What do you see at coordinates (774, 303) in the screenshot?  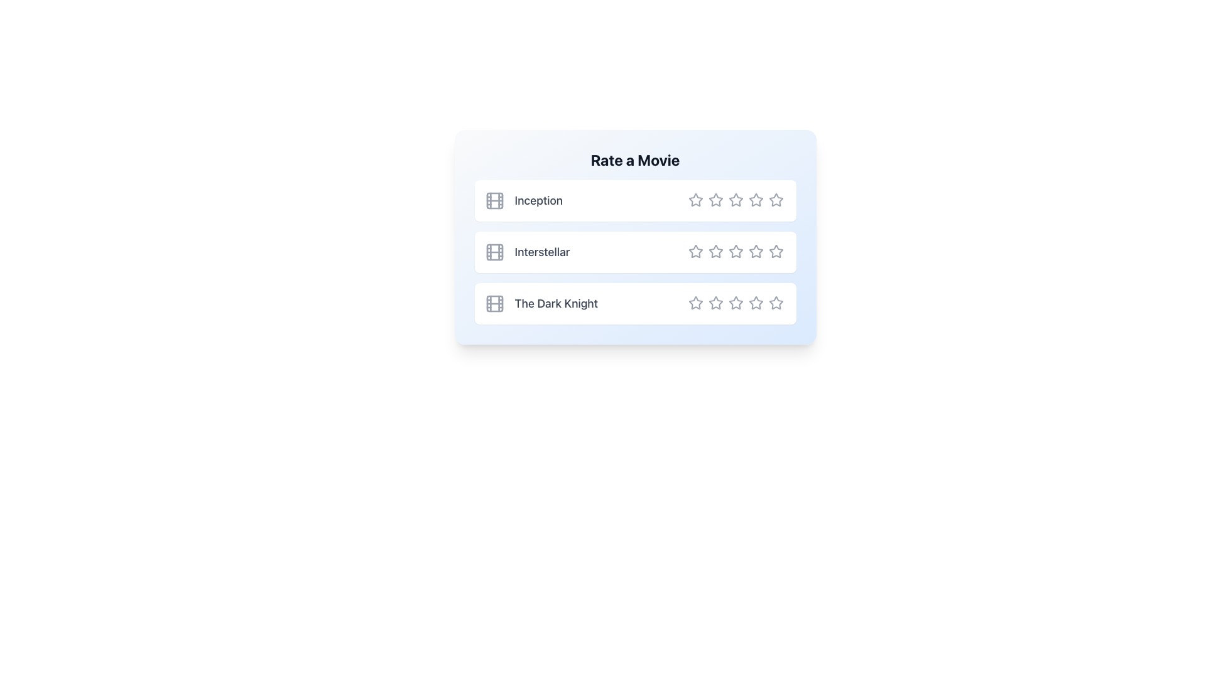 I see `the fifth star-shaped icon from the left in the horizontal rating system to rate 'The Dark Knight'` at bounding box center [774, 303].